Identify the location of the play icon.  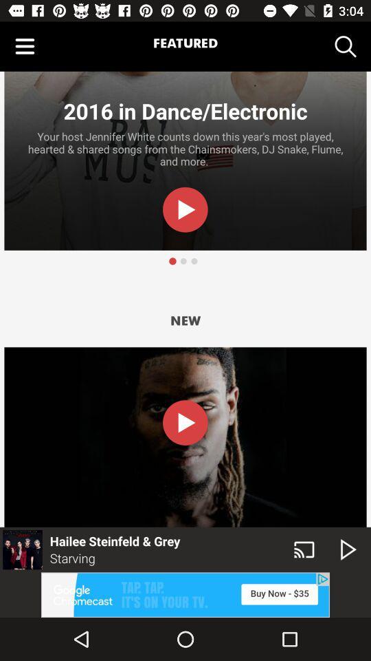
(348, 549).